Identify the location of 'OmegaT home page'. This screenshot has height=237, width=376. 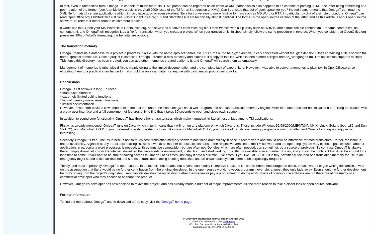
(161, 201).